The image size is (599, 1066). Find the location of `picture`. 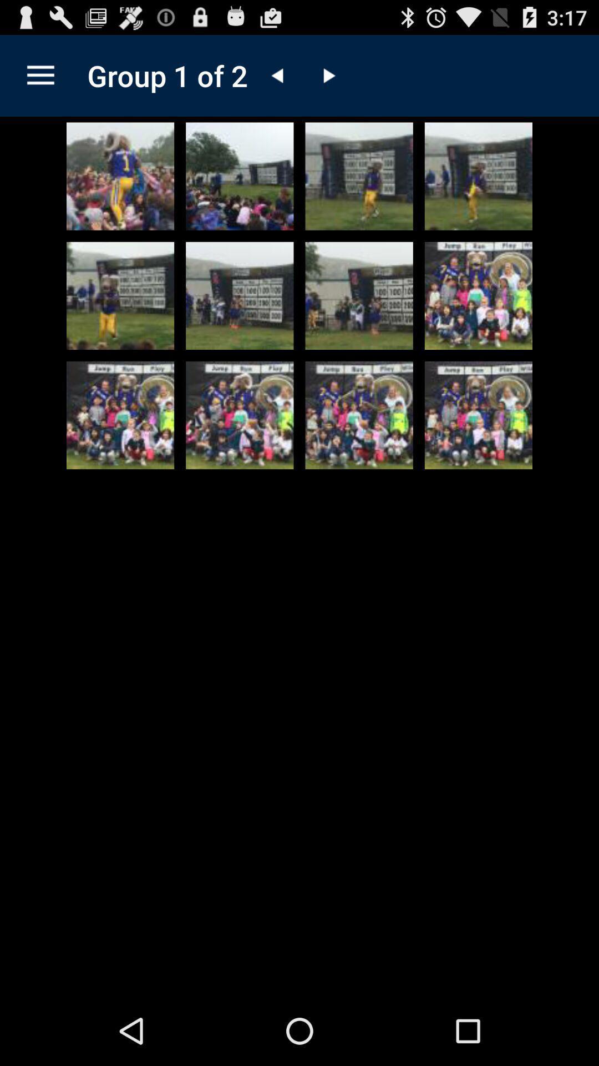

picture is located at coordinates (359, 415).